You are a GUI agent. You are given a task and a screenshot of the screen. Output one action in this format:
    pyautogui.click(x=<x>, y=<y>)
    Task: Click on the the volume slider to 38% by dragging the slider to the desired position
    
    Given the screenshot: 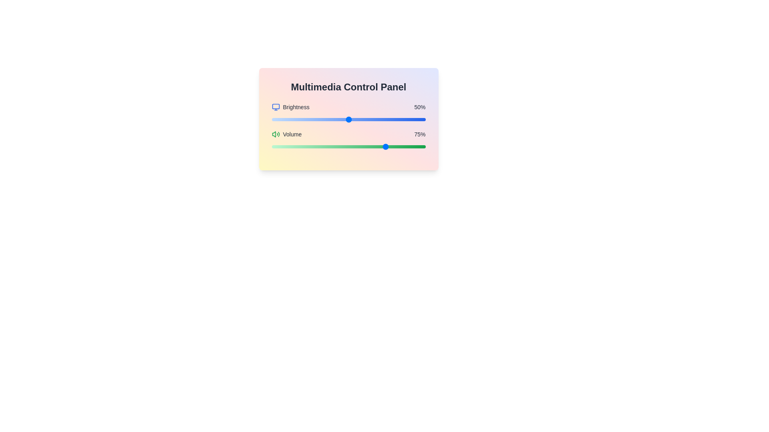 What is the action you would take?
    pyautogui.click(x=330, y=146)
    